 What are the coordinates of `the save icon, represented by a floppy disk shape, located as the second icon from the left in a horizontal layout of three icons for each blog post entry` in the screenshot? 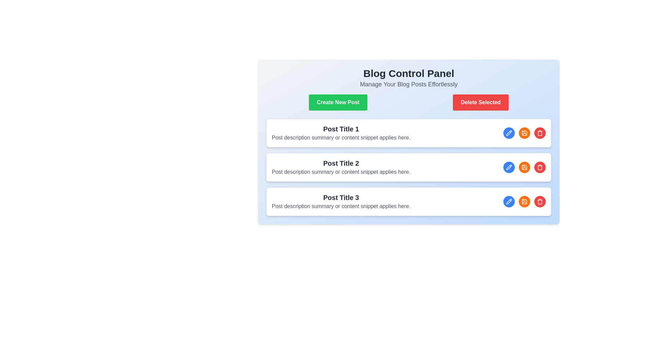 It's located at (524, 167).